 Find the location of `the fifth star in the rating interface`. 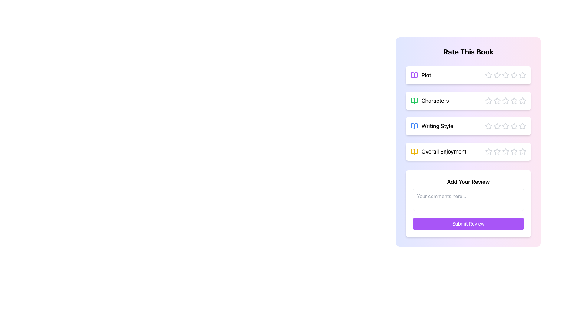

the fifth star in the rating interface is located at coordinates (522, 100).